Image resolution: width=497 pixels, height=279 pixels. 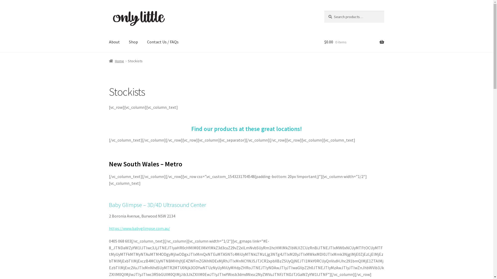 What do you see at coordinates (324, 42) in the screenshot?
I see `'$0.00 0 items'` at bounding box center [324, 42].